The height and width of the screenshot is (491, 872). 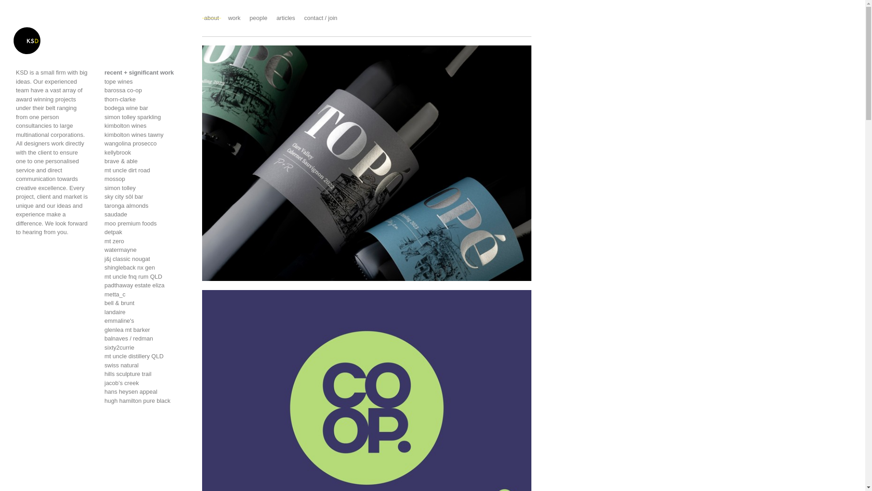 What do you see at coordinates (145, 108) in the screenshot?
I see `'bodega wine bar'` at bounding box center [145, 108].